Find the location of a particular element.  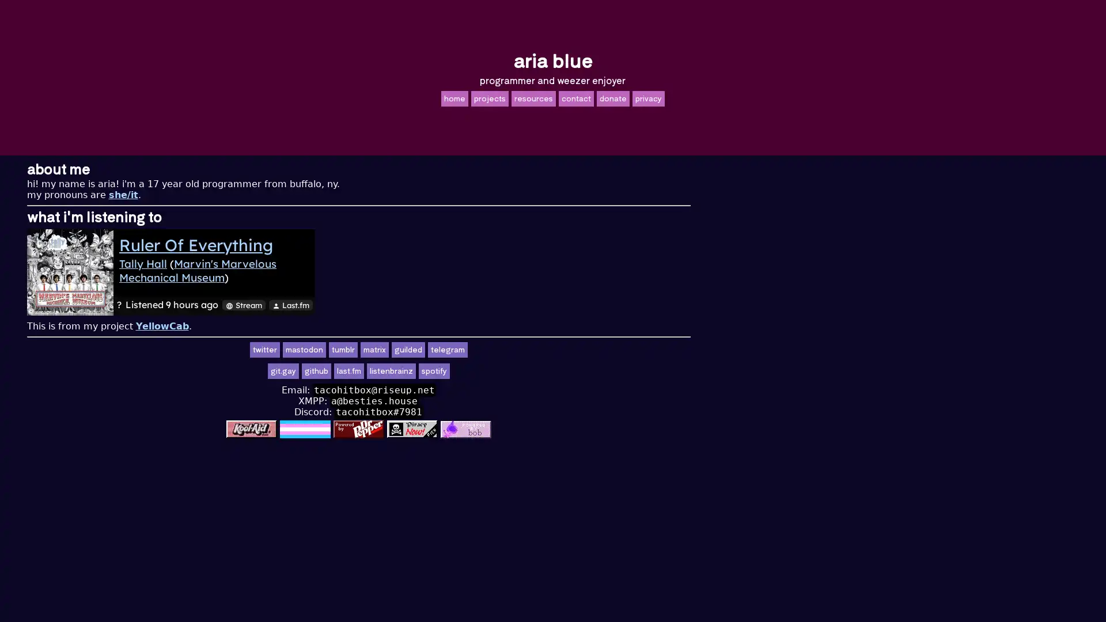

last.fm is located at coordinates (542, 371).